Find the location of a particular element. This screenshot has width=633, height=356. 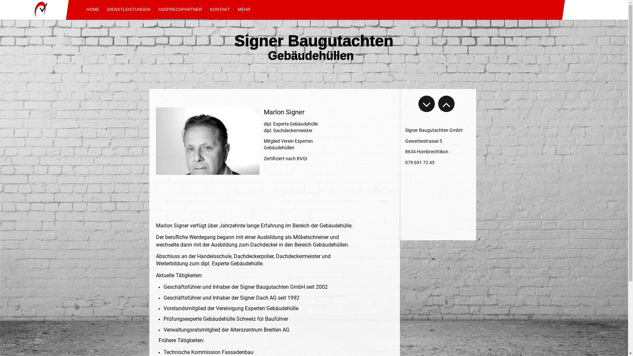

'KONTAKT' is located at coordinates (220, 10).